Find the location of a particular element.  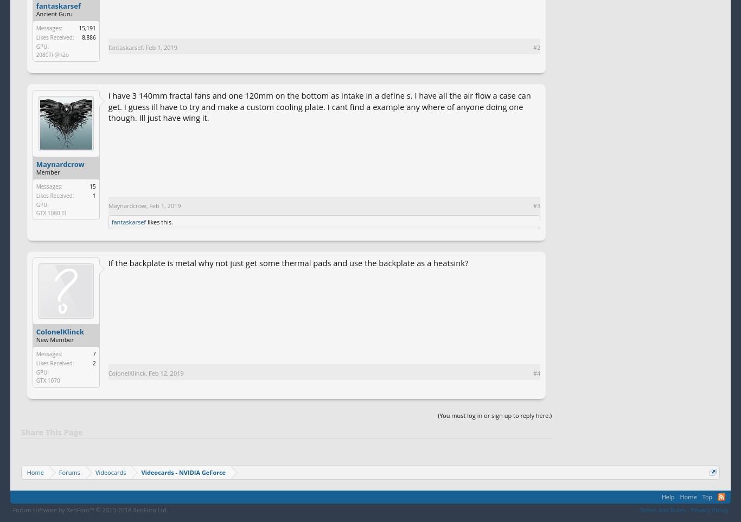

'1' is located at coordinates (93, 195).